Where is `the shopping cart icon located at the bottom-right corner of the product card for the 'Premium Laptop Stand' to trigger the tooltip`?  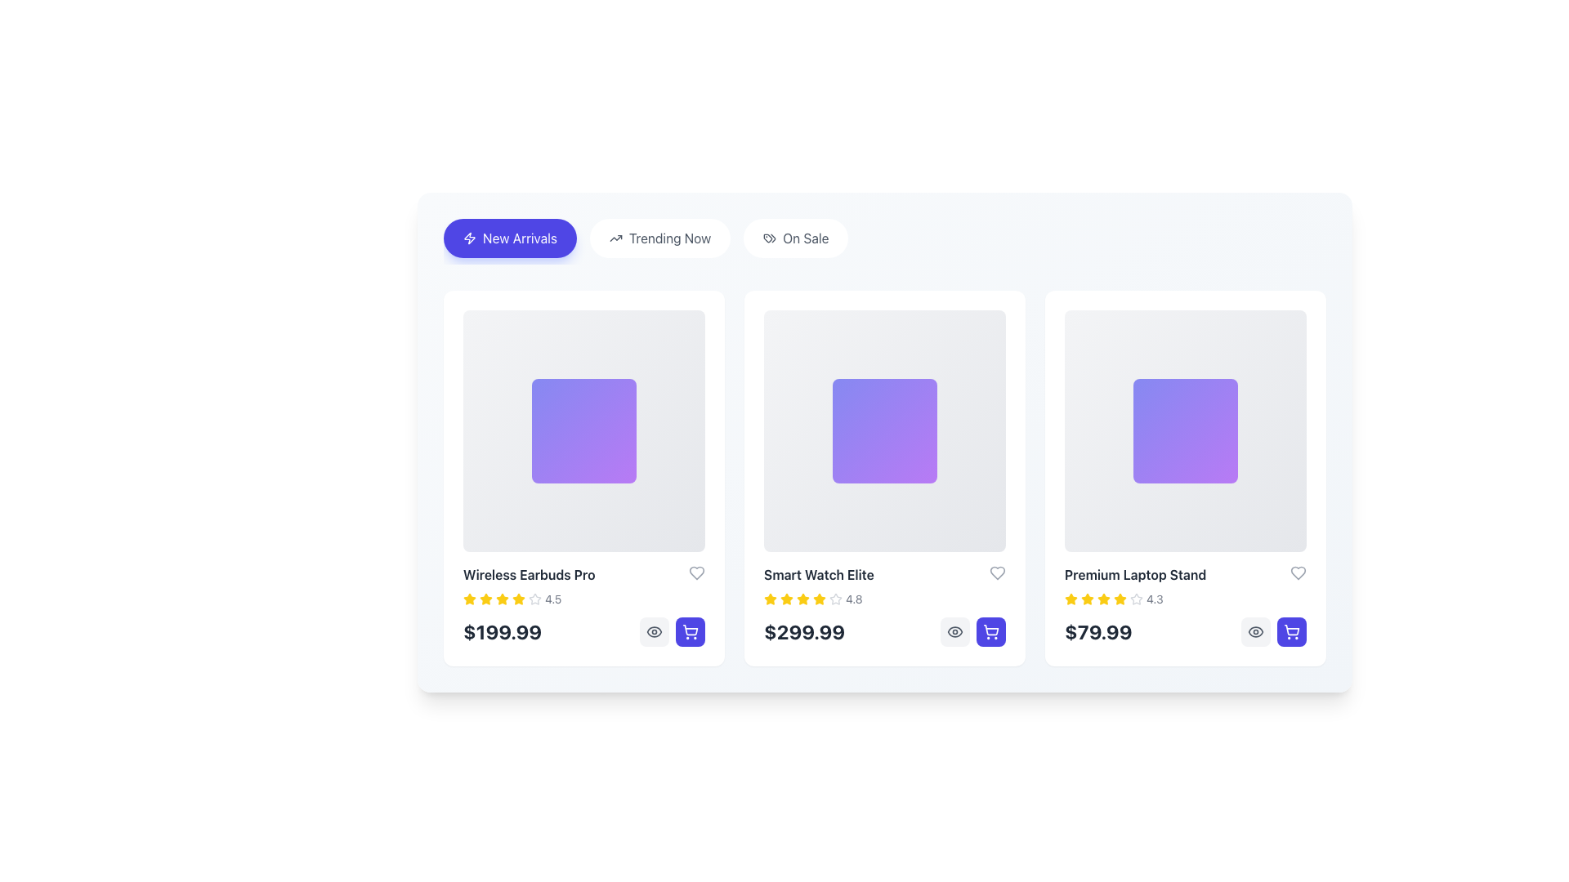
the shopping cart icon located at the bottom-right corner of the product card for the 'Premium Laptop Stand' to trigger the tooltip is located at coordinates (1290, 631).